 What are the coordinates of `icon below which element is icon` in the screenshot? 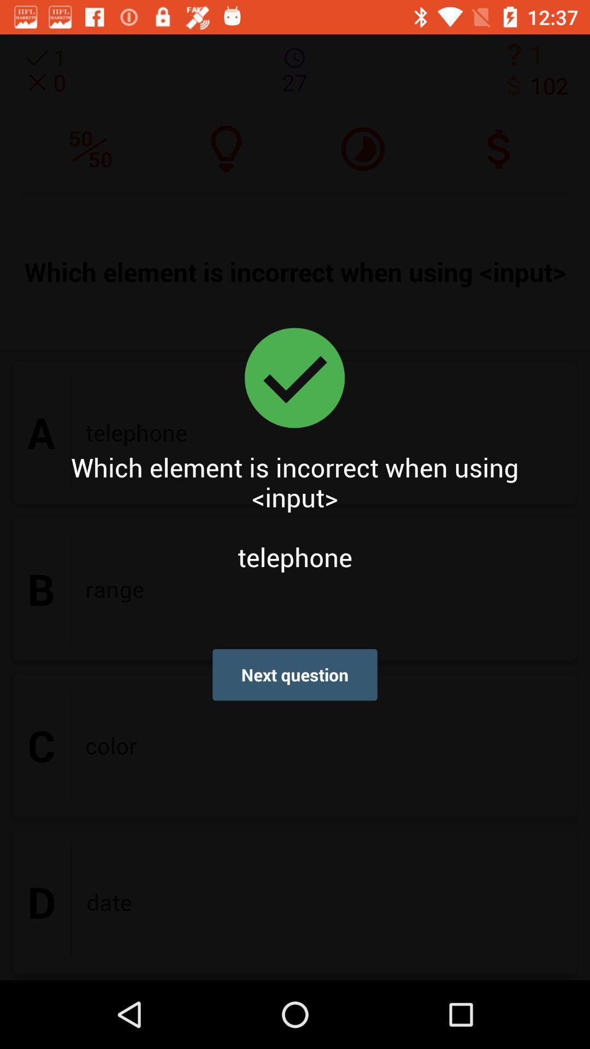 It's located at (295, 674).